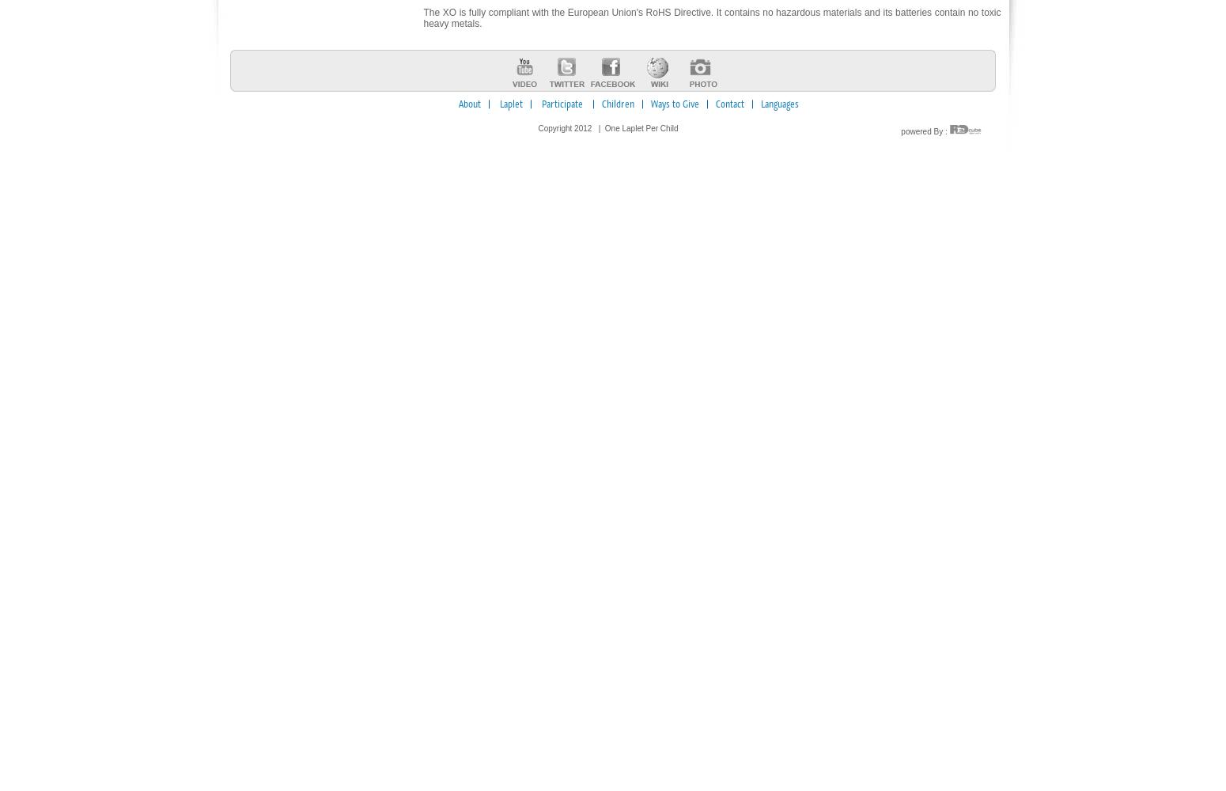 This screenshot has height=791, width=1226. What do you see at coordinates (607, 128) in the screenshot?
I see `'Copyright 2012     |  One Laplet Per Child'` at bounding box center [607, 128].